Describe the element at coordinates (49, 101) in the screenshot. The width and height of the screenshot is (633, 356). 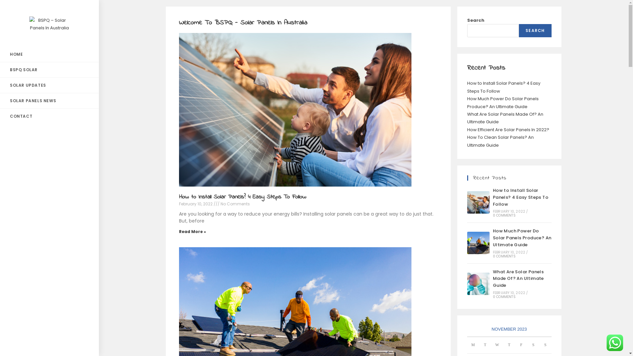
I see `'SOLAR PANELS NEWS'` at that location.